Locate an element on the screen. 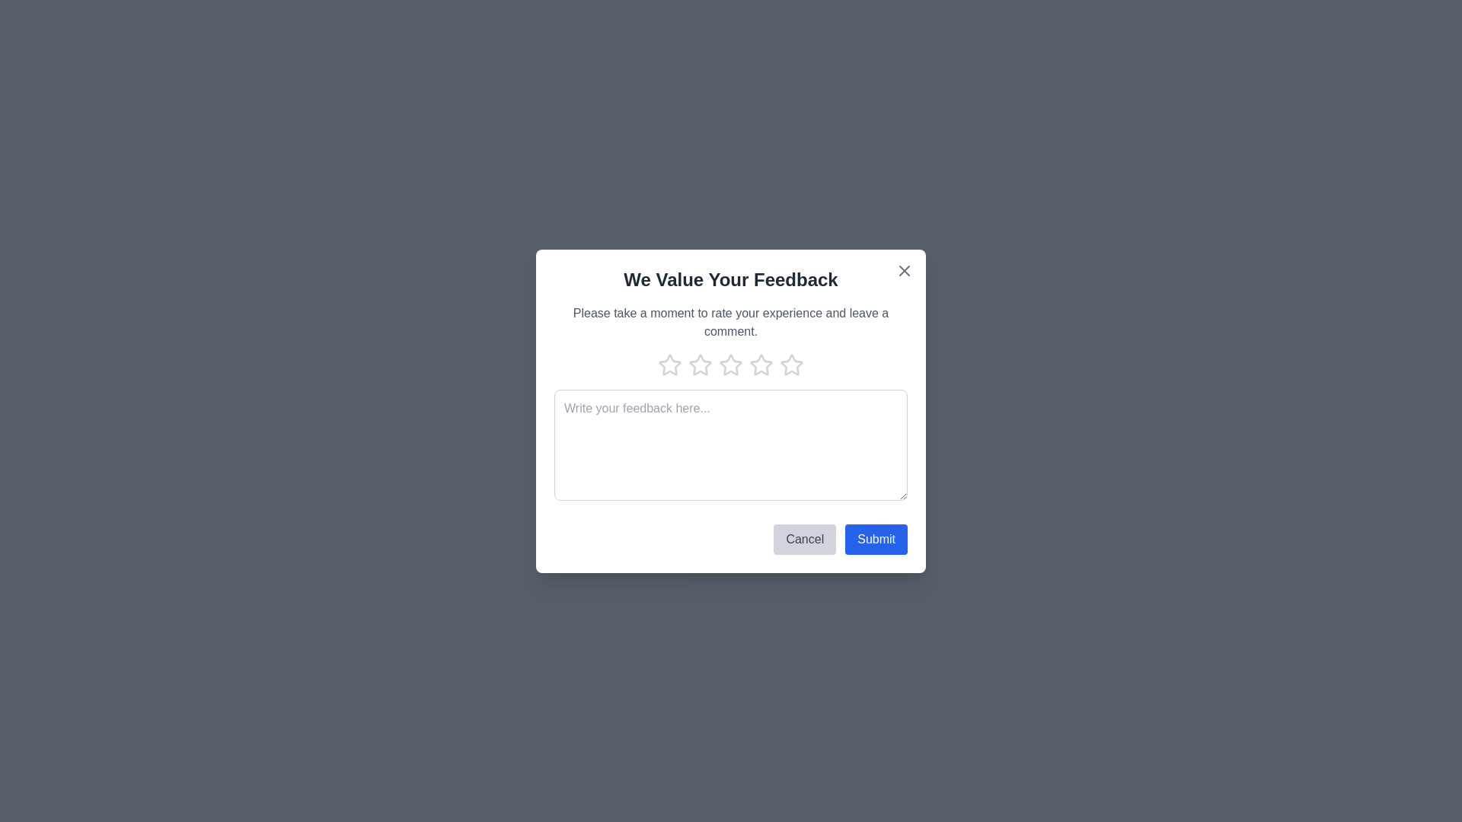  the 'X' icon button located in the top-right corner of the modal window titled 'We Value Your Feedback' is located at coordinates (905, 269).